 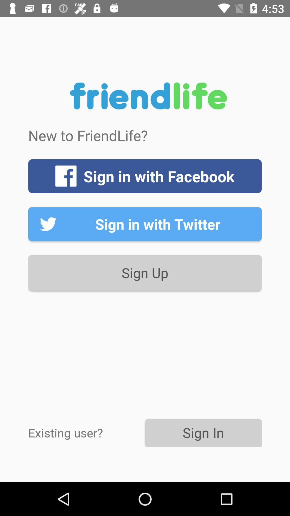 I want to click on icon below the sign in with, so click(x=145, y=273).